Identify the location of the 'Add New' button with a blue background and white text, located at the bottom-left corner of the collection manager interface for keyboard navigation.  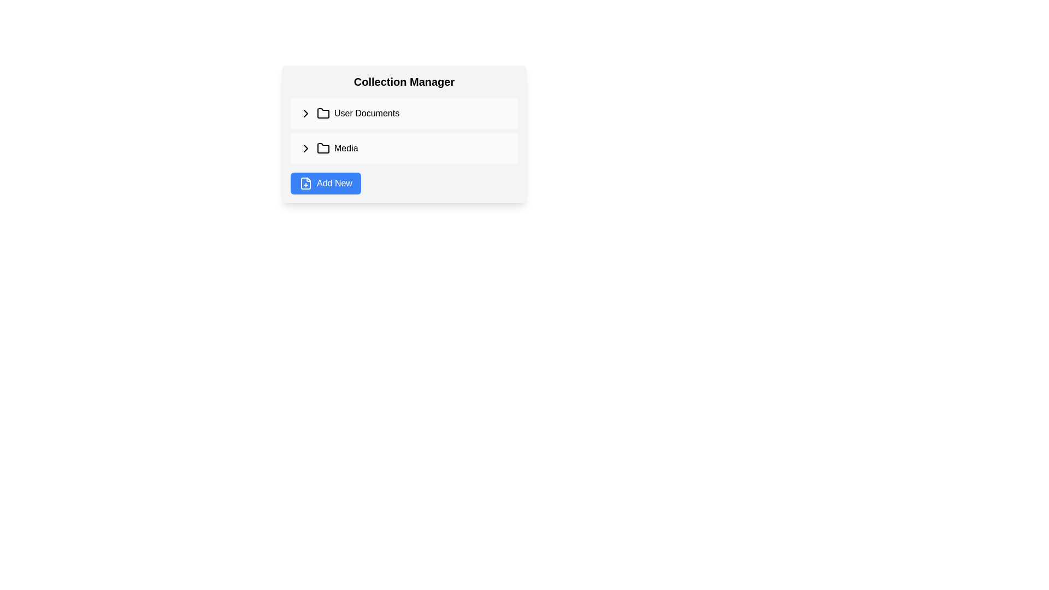
(325, 182).